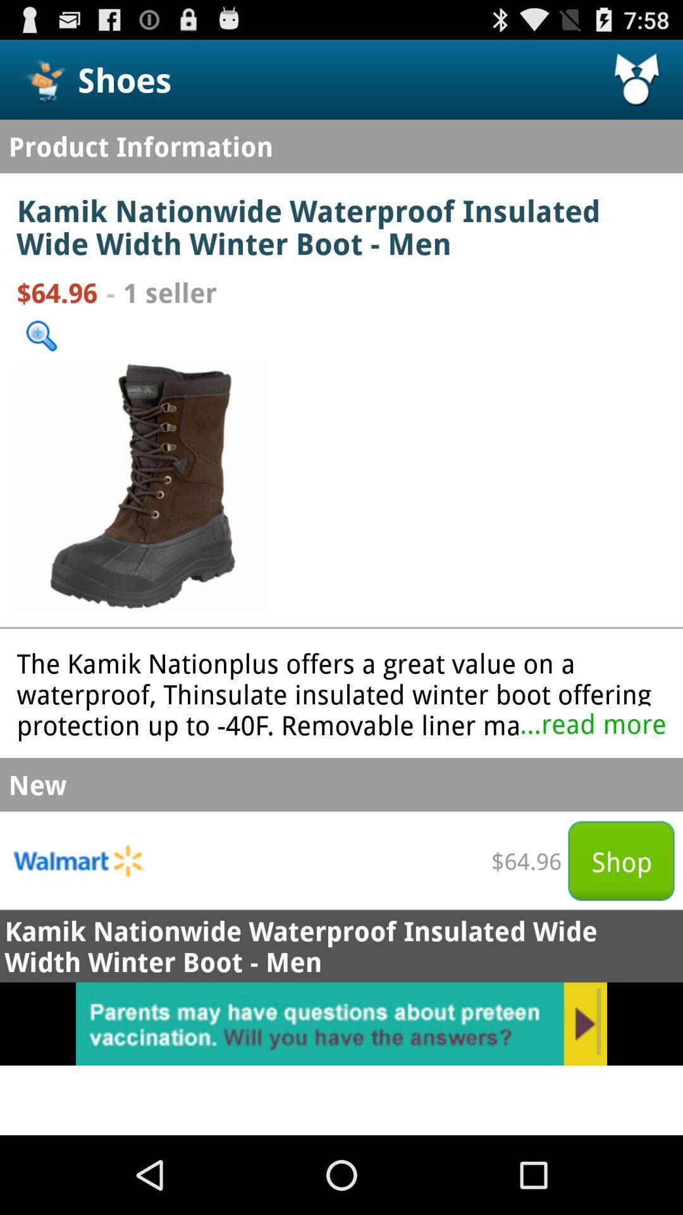  Describe the element at coordinates (341, 1024) in the screenshot. I see `advertisement` at that location.